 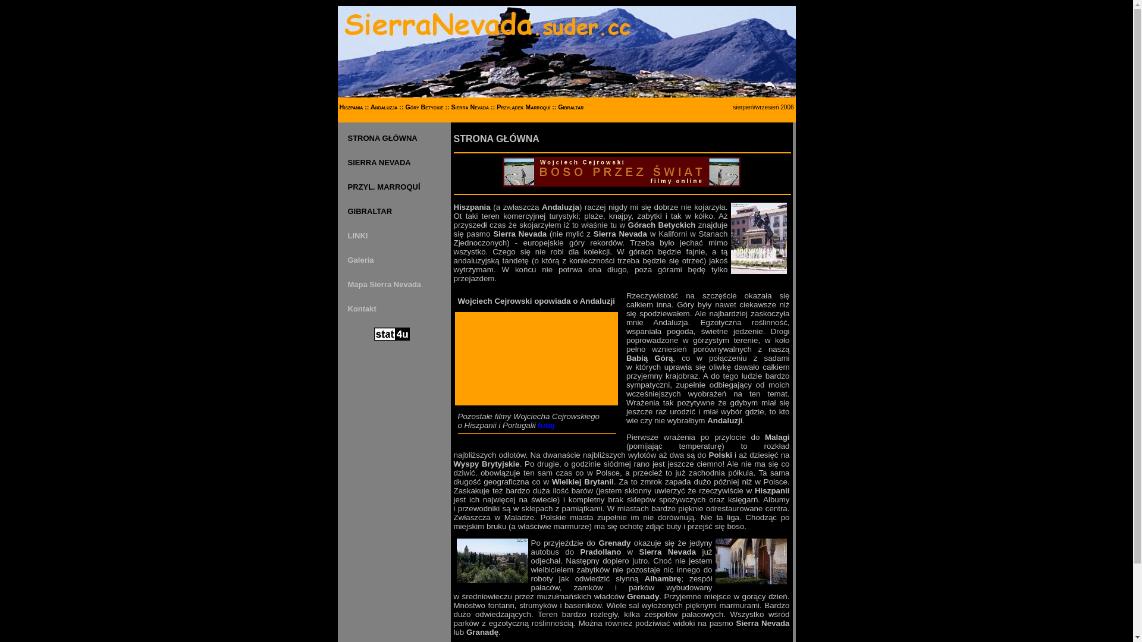 What do you see at coordinates (347, 308) in the screenshot?
I see `'Kontakt'` at bounding box center [347, 308].